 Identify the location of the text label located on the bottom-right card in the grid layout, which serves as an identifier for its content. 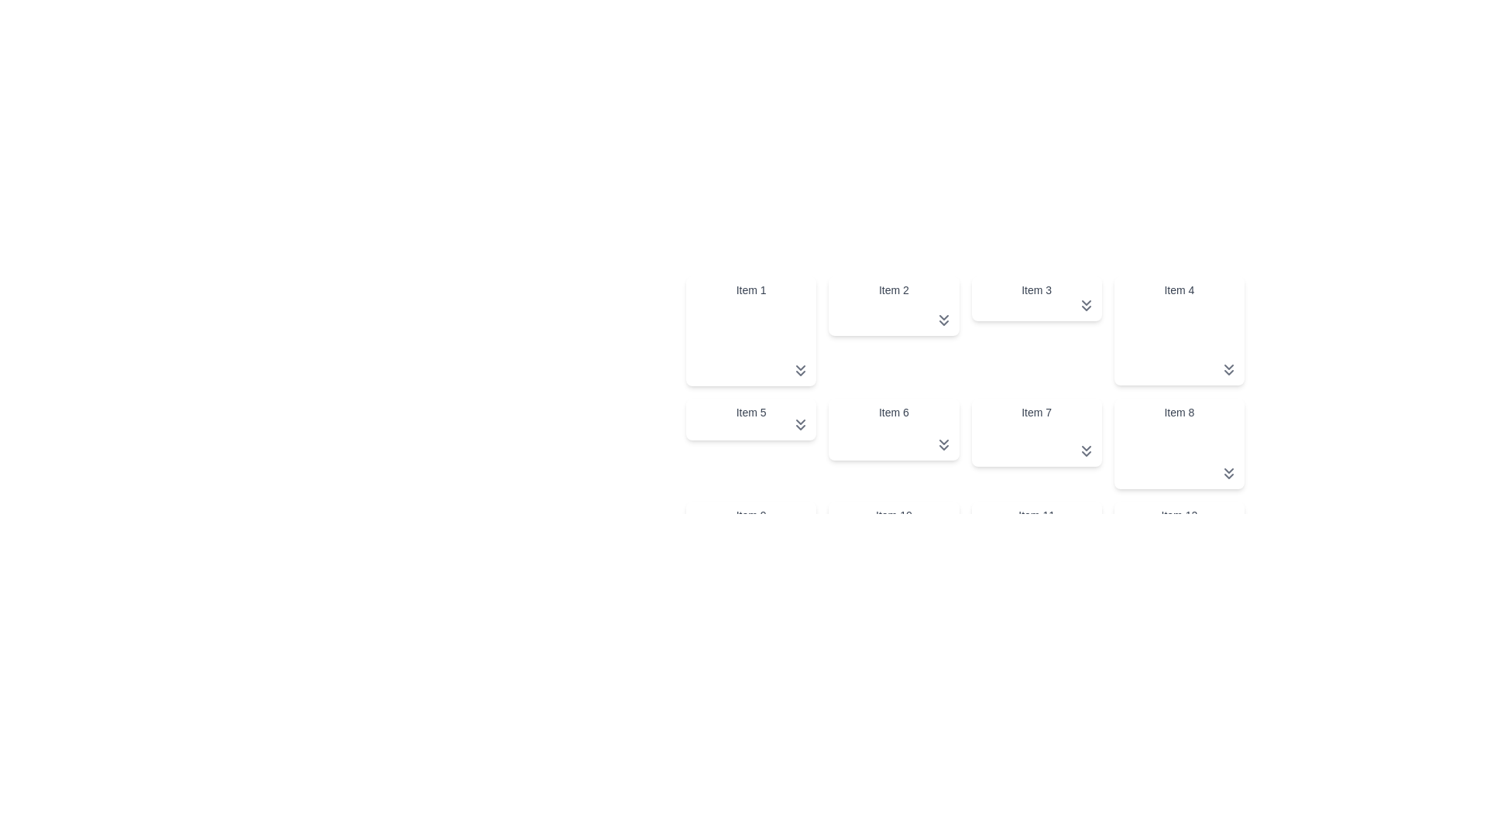
(1036, 515).